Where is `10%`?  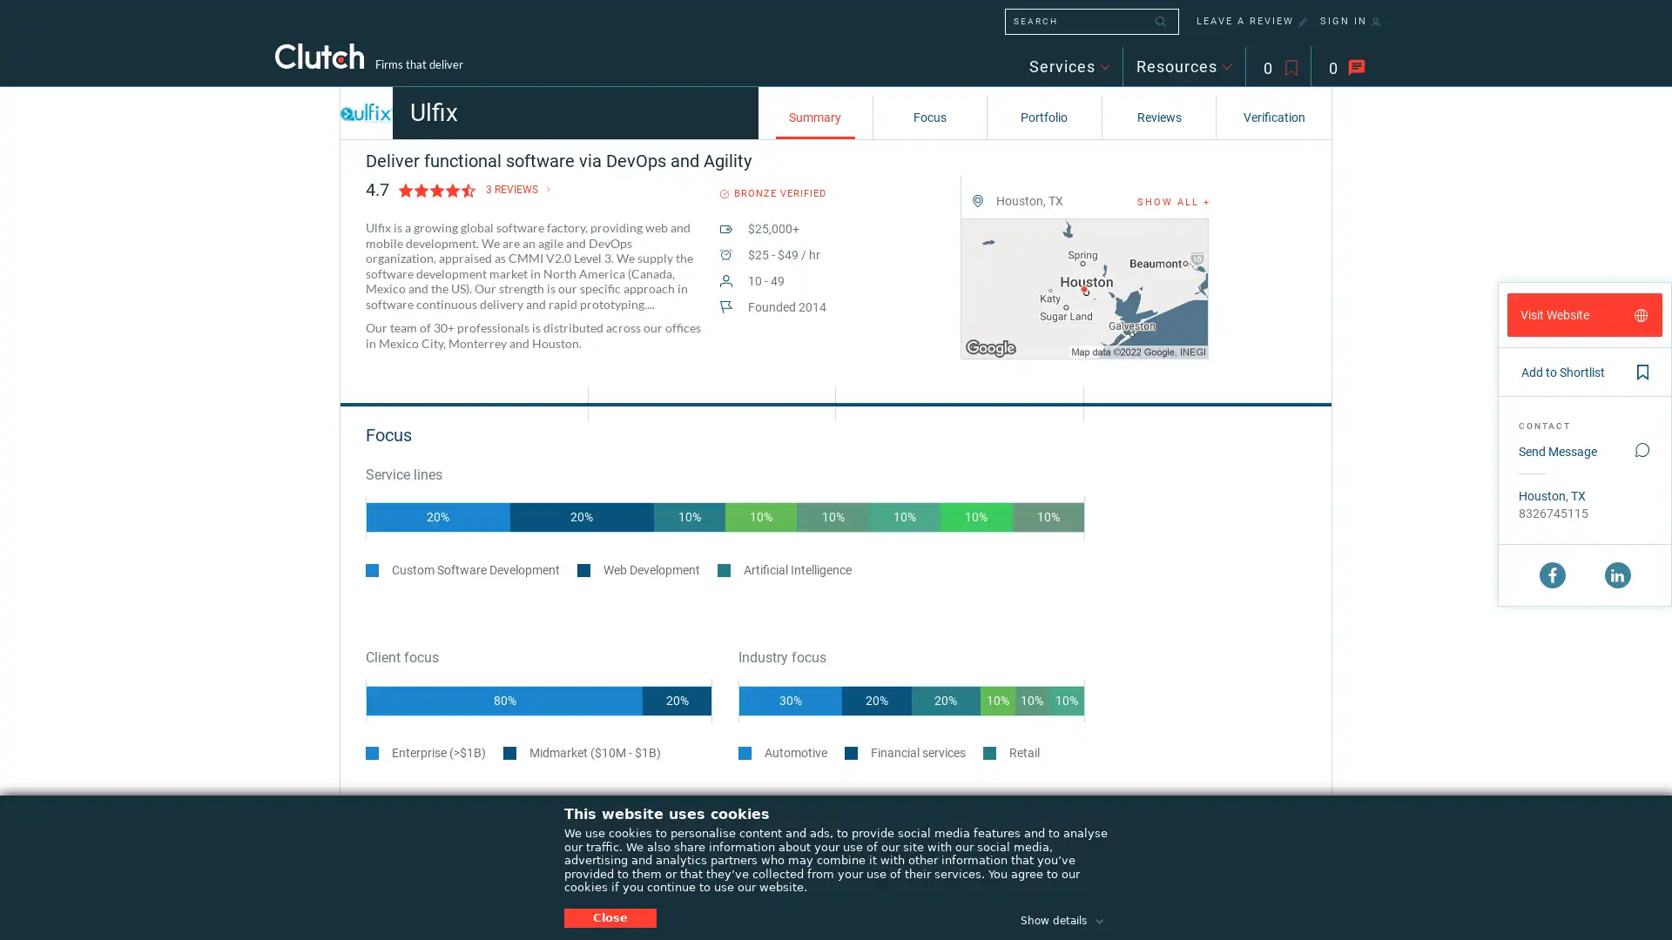 10% is located at coordinates (1032, 699).